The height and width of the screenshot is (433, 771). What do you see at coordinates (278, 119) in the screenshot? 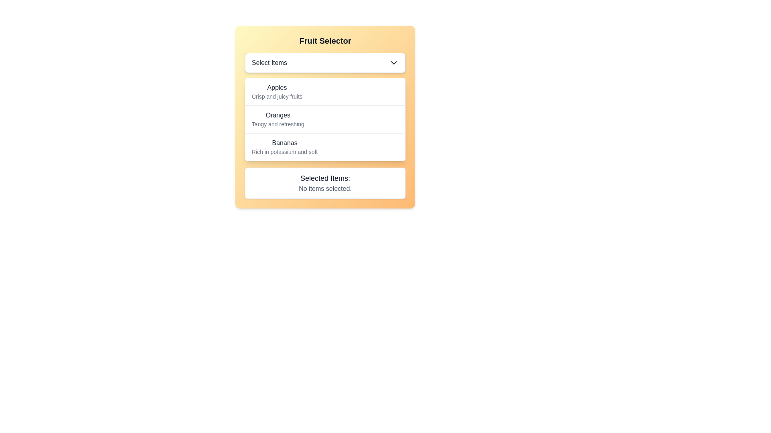
I see `the second option in the 'Fruit Selector' dropdown menu, which represents oranges` at bounding box center [278, 119].